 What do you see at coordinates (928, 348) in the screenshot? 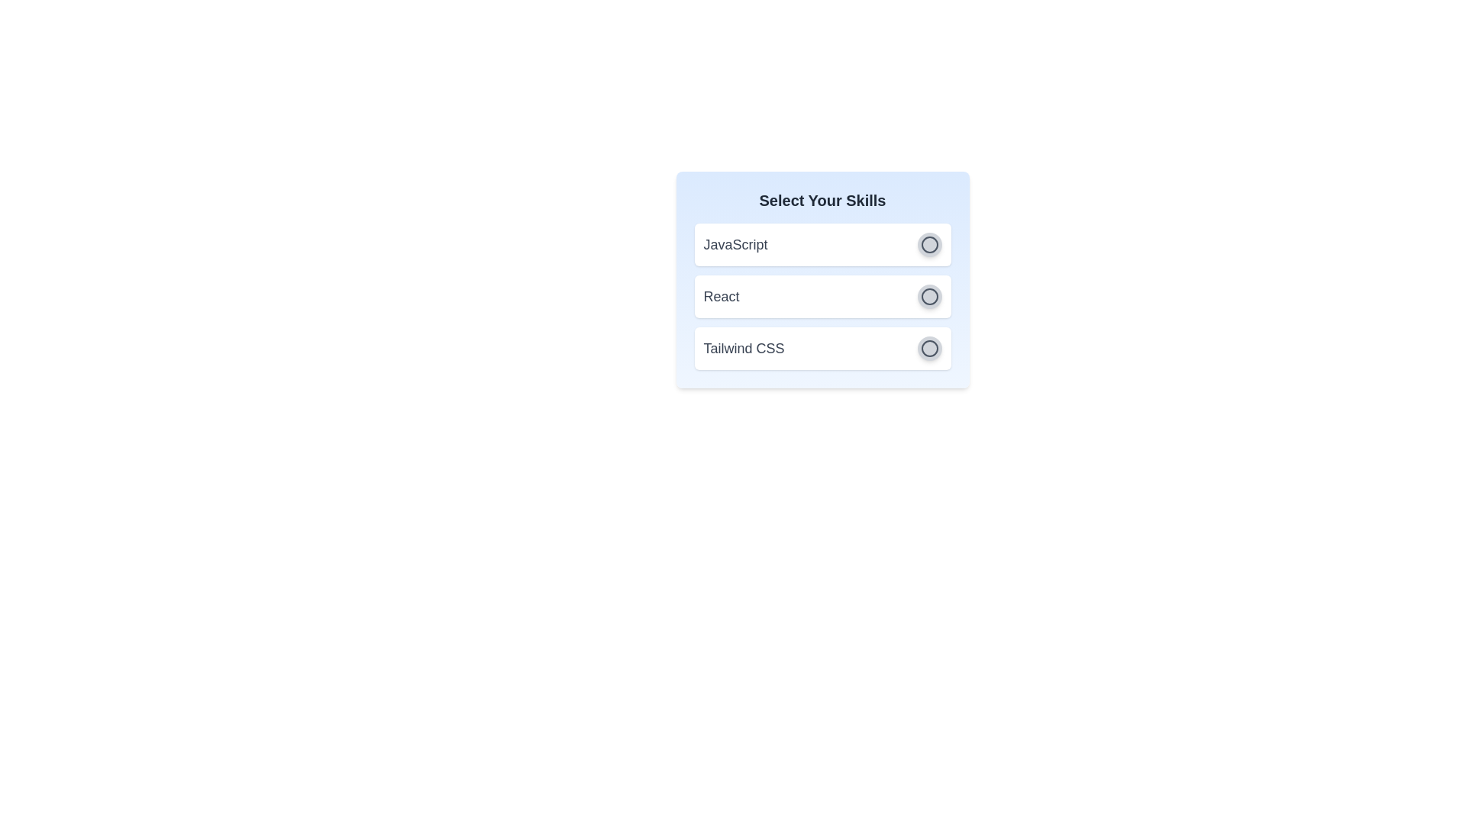
I see `the skill Tailwind CSS` at bounding box center [928, 348].